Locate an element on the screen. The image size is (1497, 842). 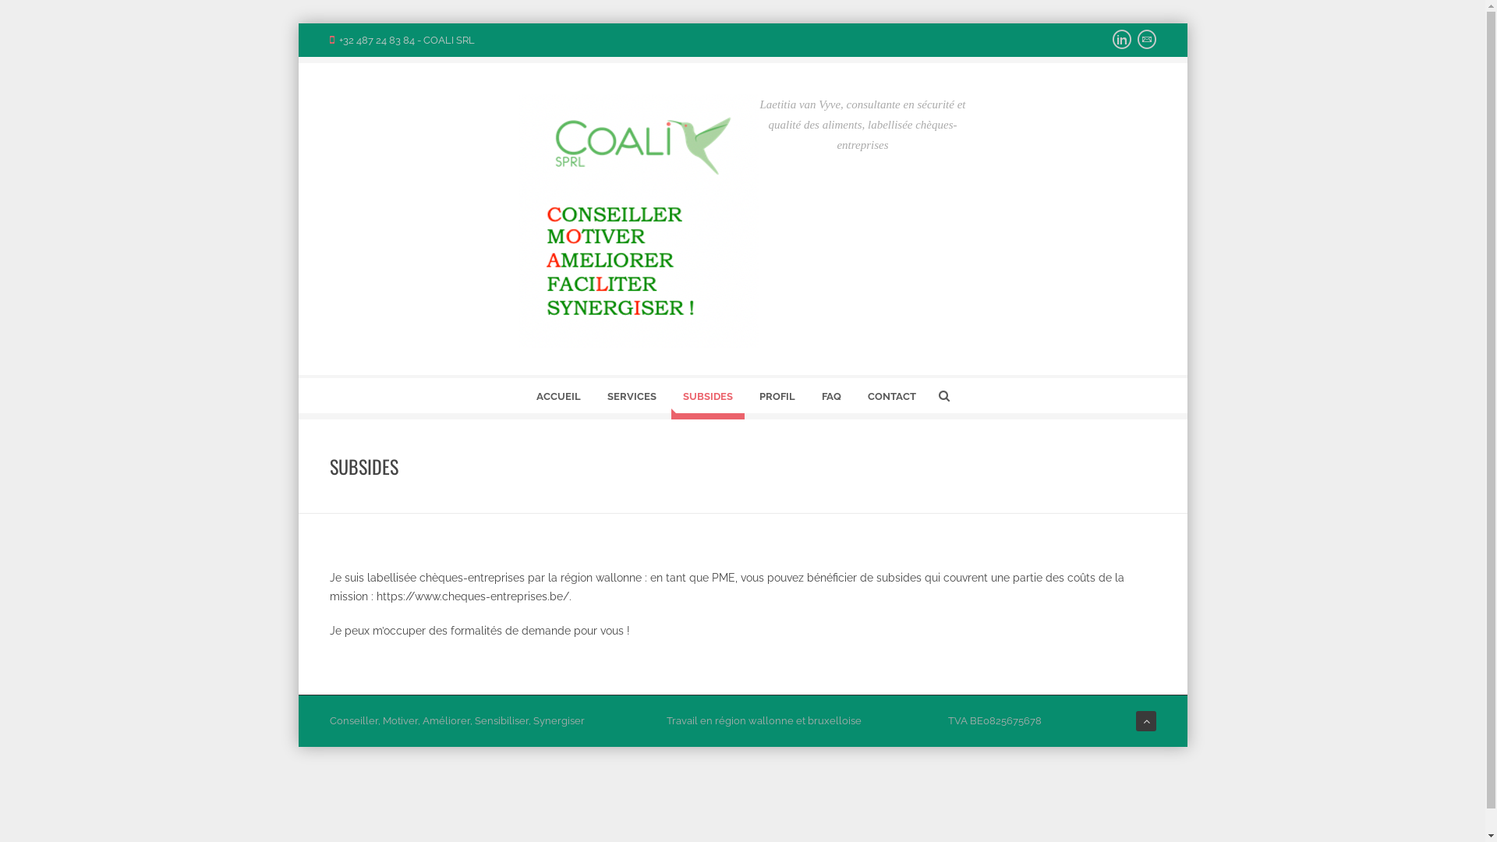
'SERVICES' is located at coordinates (632, 398).